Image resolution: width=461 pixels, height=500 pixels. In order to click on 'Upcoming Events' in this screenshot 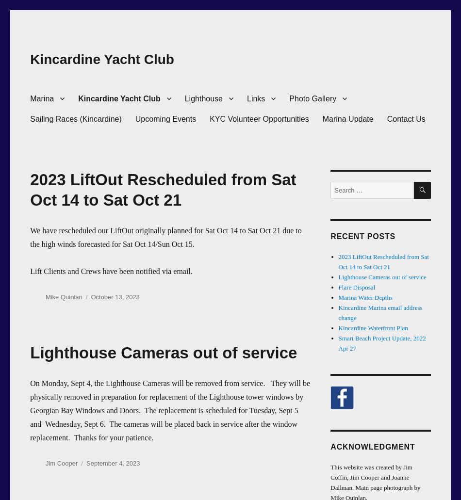, I will do `click(165, 118)`.